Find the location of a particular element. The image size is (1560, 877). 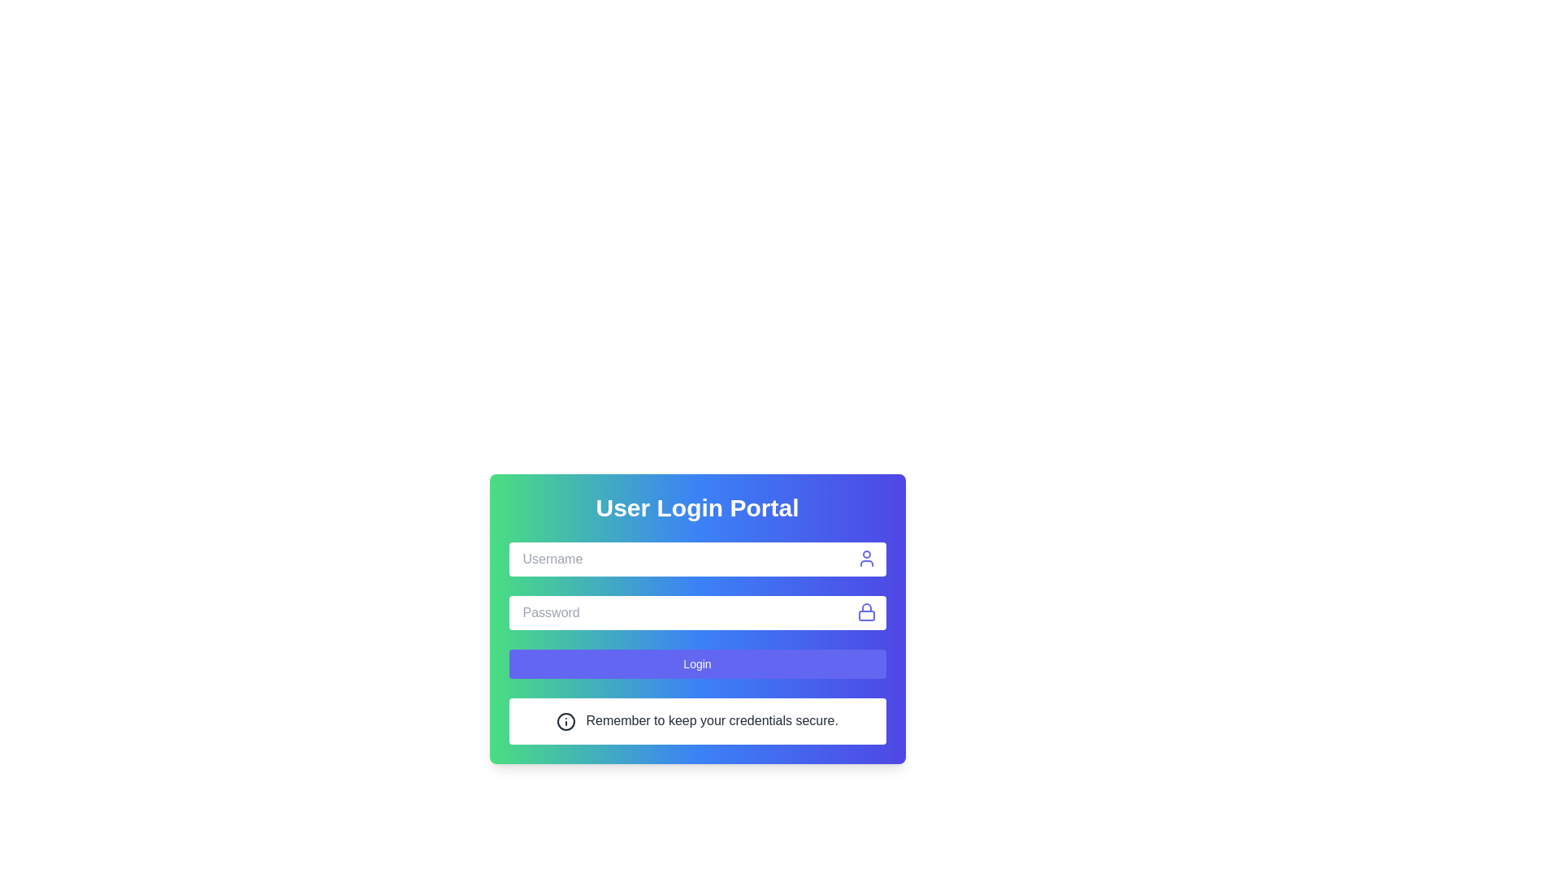

the Password Input Field, which is located directly beneath the 'Username' input field and above the 'Login' button, to provide visual feedback is located at coordinates (697, 619).